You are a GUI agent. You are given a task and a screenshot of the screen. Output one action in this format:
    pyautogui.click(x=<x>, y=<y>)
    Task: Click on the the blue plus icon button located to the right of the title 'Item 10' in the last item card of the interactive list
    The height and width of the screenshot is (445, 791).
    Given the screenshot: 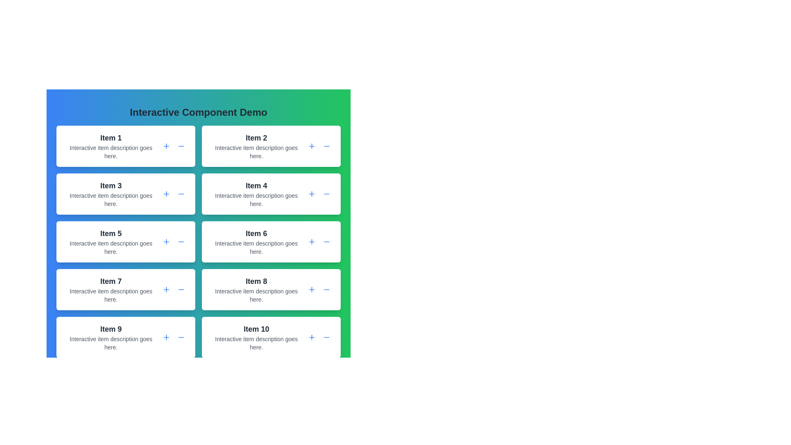 What is the action you would take?
    pyautogui.click(x=311, y=337)
    